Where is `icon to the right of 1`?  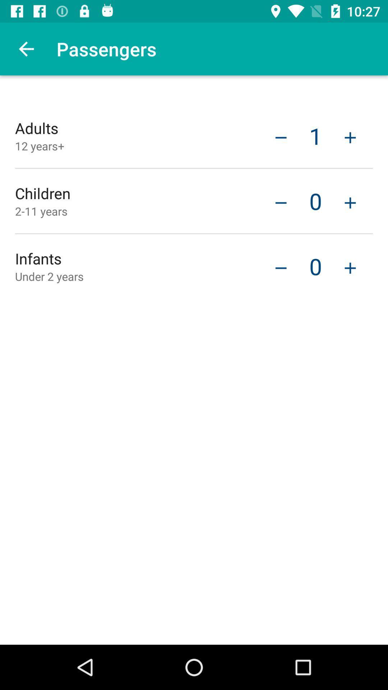 icon to the right of 1 is located at coordinates (350, 137).